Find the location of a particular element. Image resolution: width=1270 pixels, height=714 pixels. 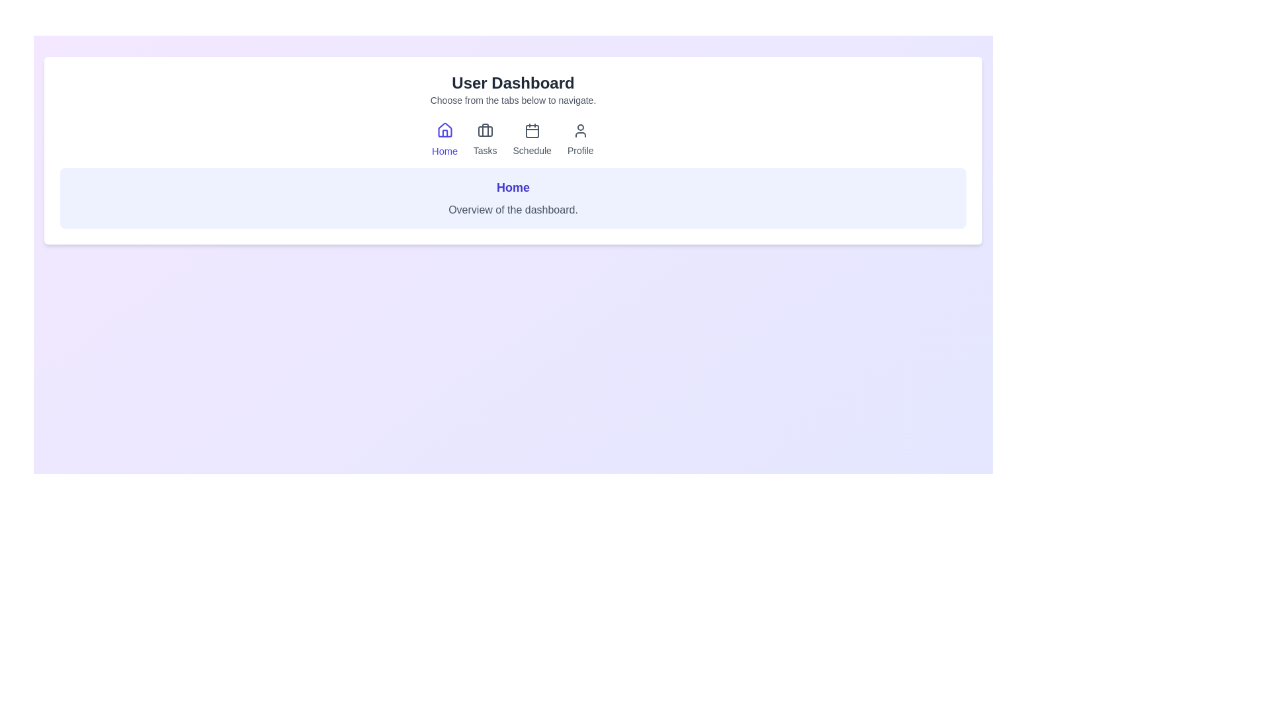

the header labeled 'User Dashboard' which is styled in bold and dark gray, located at the top center of the dashboard page is located at coordinates (513, 83).